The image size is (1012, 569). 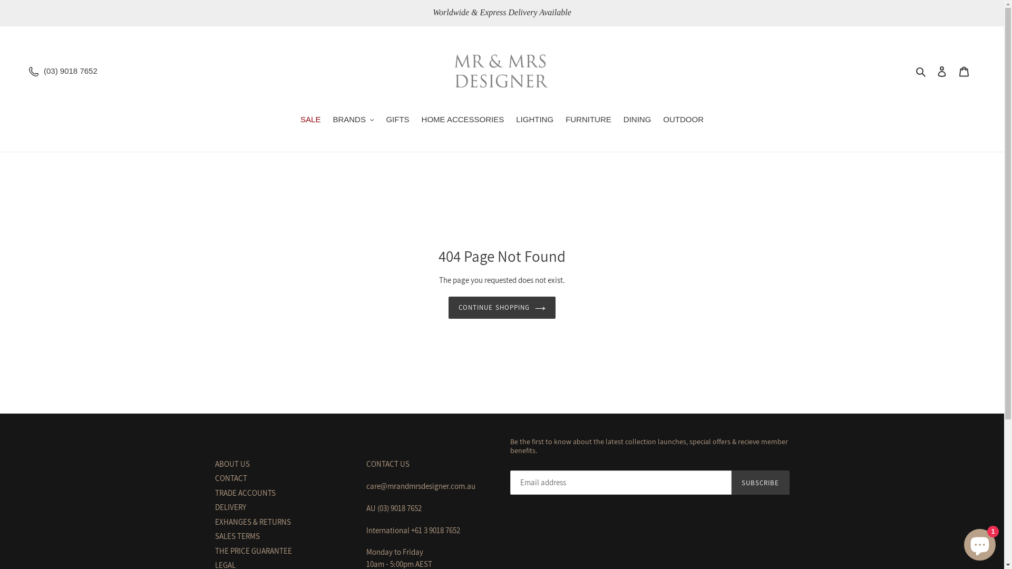 I want to click on 'Cart', so click(x=964, y=71).